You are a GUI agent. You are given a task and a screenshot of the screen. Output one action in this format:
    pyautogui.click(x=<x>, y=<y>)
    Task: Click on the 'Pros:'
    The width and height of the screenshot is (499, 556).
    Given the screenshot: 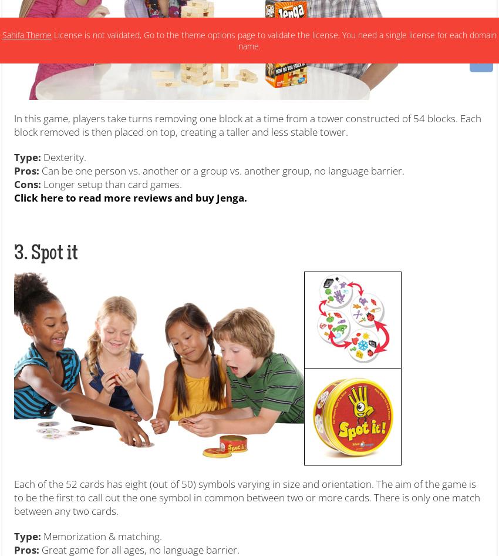 What is the action you would take?
    pyautogui.click(x=26, y=169)
    